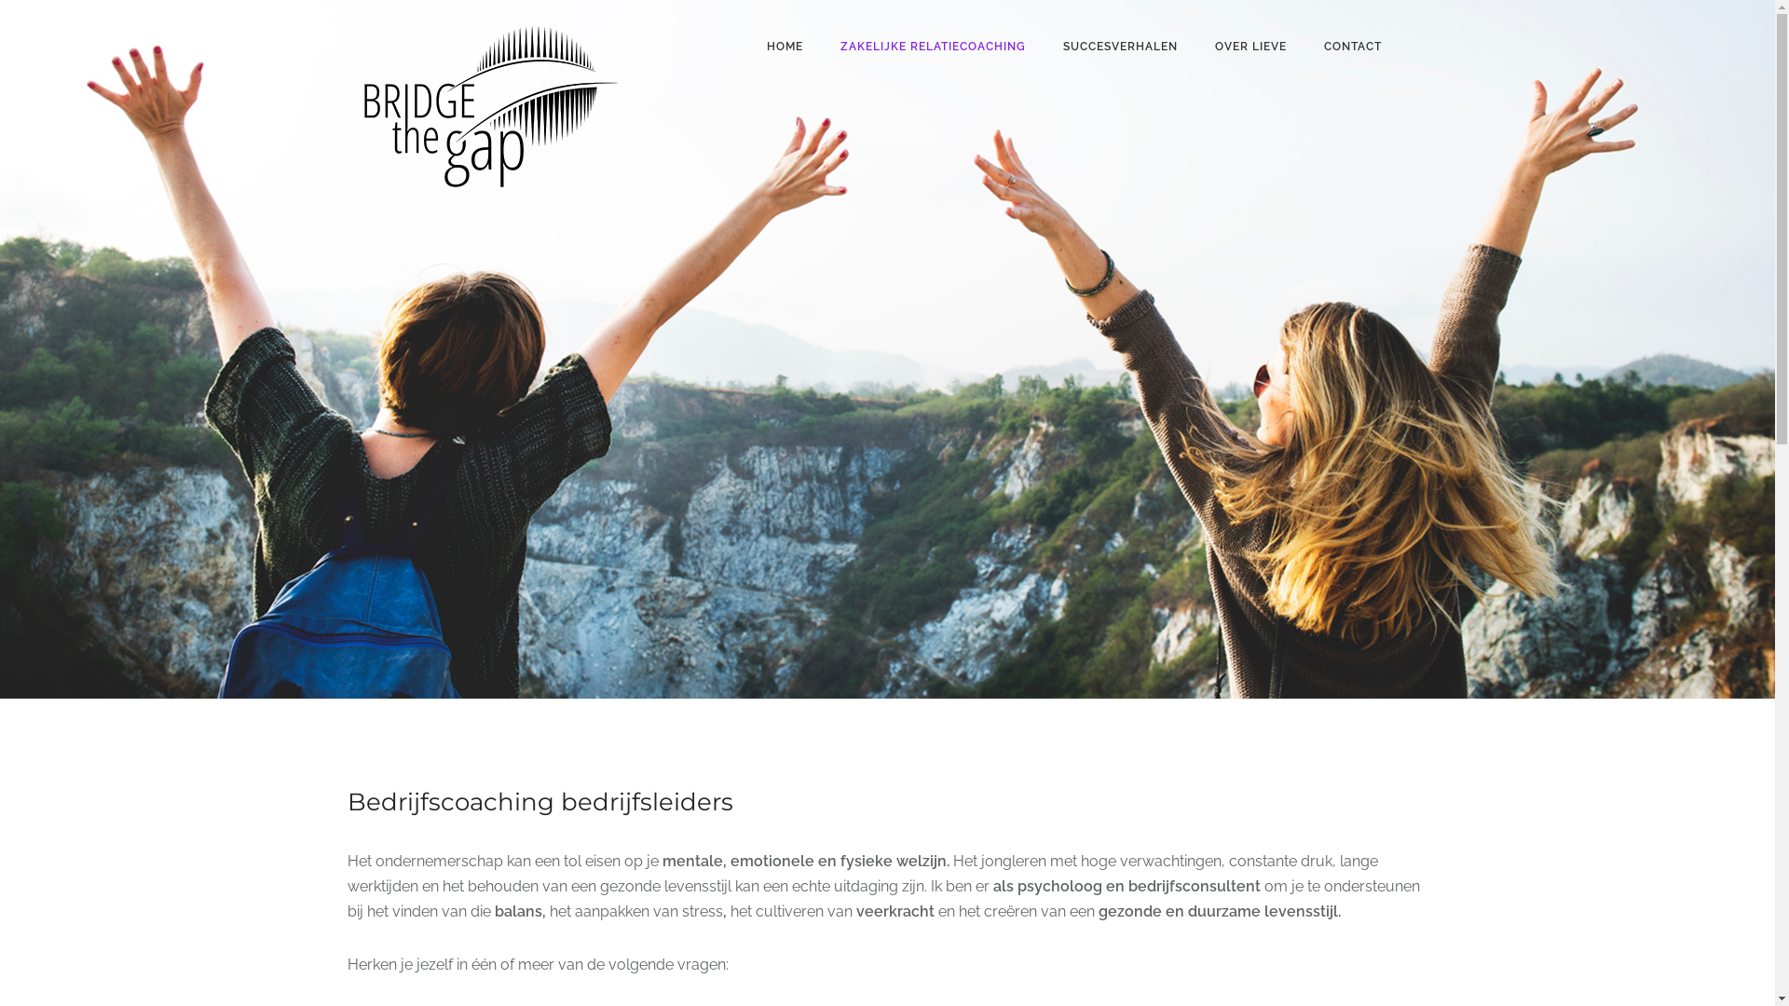 Image resolution: width=1789 pixels, height=1006 pixels. Describe the element at coordinates (784, 46) in the screenshot. I see `'HOME'` at that location.